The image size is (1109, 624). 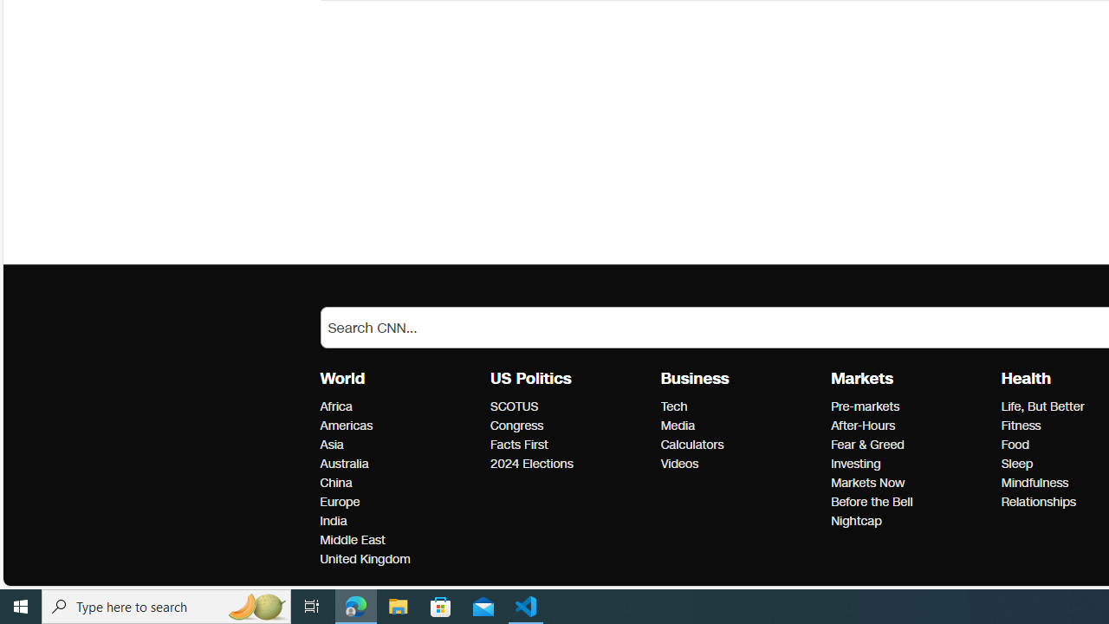 What do you see at coordinates (910, 406) in the screenshot?
I see `'Pre-markets'` at bounding box center [910, 406].